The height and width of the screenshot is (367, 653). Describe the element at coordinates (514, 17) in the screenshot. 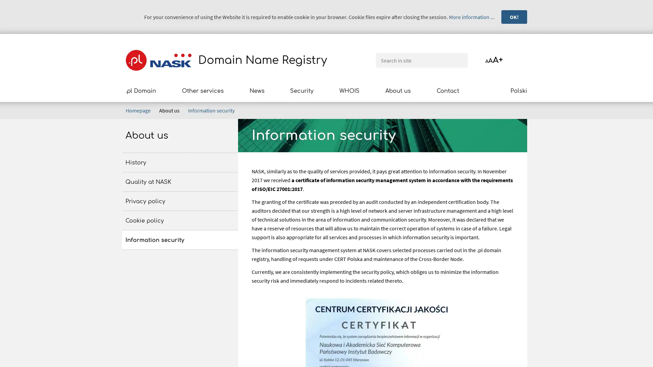

I see `OK!` at that location.